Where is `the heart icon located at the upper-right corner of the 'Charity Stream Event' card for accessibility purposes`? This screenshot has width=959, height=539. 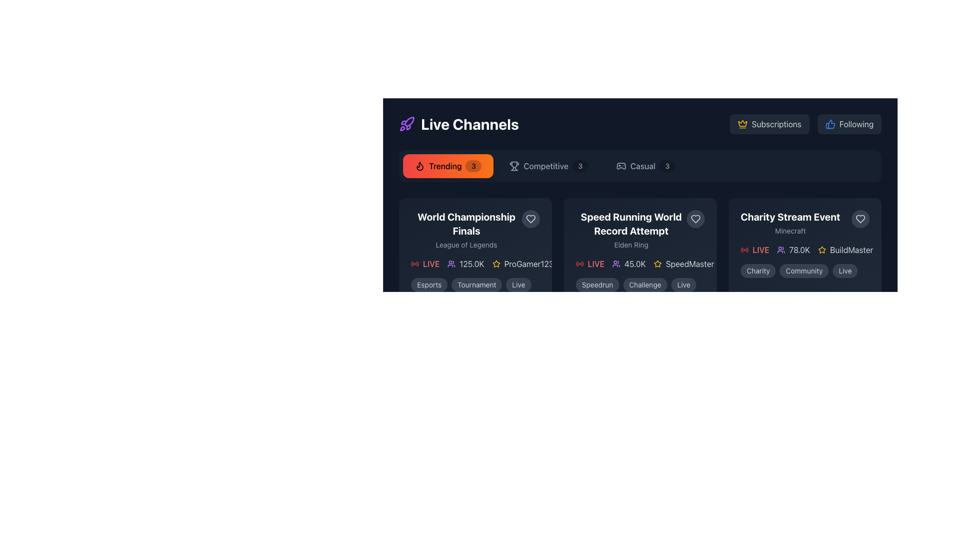
the heart icon located at the upper-right corner of the 'Charity Stream Event' card for accessibility purposes is located at coordinates (860, 219).